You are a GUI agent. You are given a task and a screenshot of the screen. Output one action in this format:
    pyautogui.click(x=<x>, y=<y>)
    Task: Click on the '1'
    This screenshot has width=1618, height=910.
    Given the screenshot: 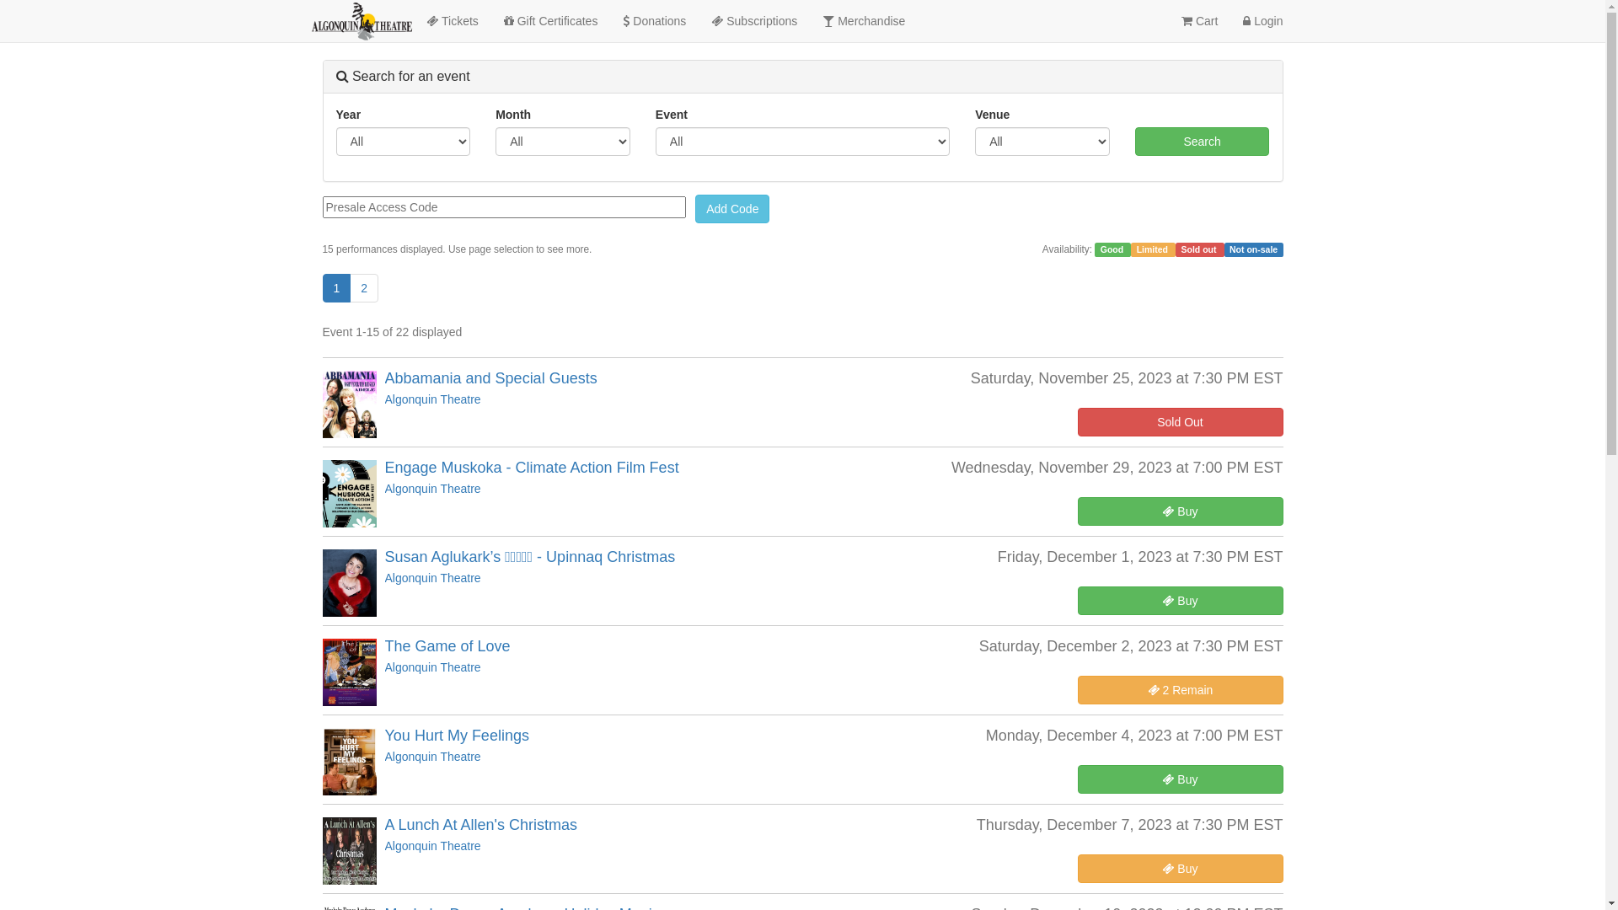 What is the action you would take?
    pyautogui.click(x=335, y=287)
    